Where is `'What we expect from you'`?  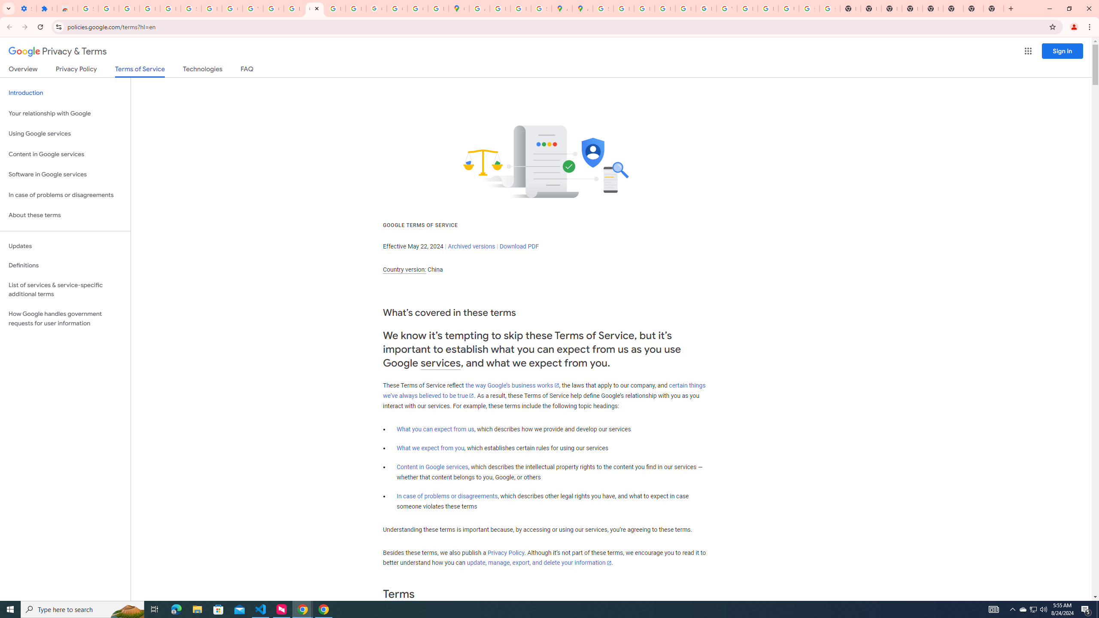
'What we expect from you' is located at coordinates (430, 448).